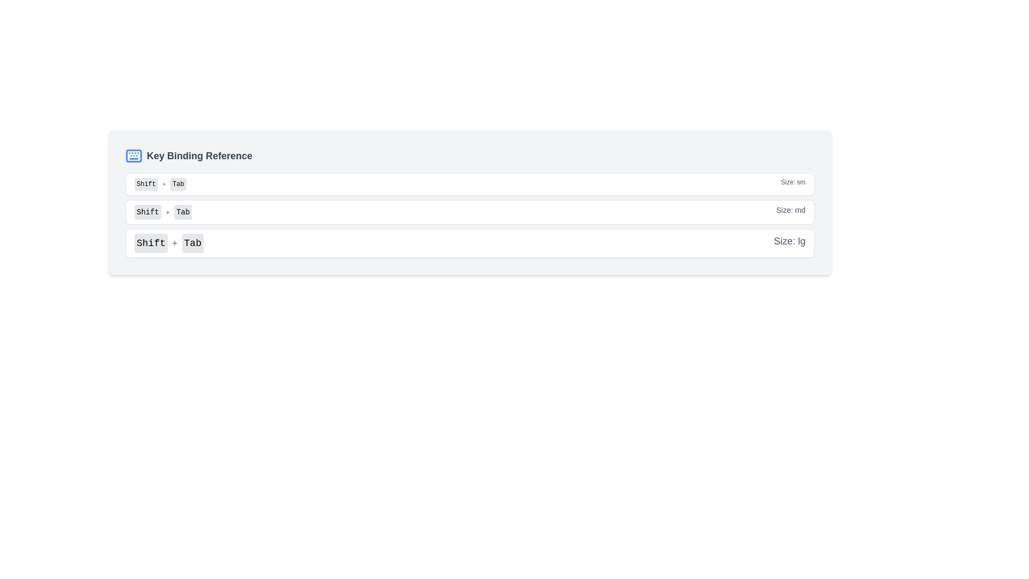  I want to click on the static display button representing the 'Shift' key, which is located to the left of a '+' symbol and the 'Tab' button in the third row of a vertical list, so click(151, 243).